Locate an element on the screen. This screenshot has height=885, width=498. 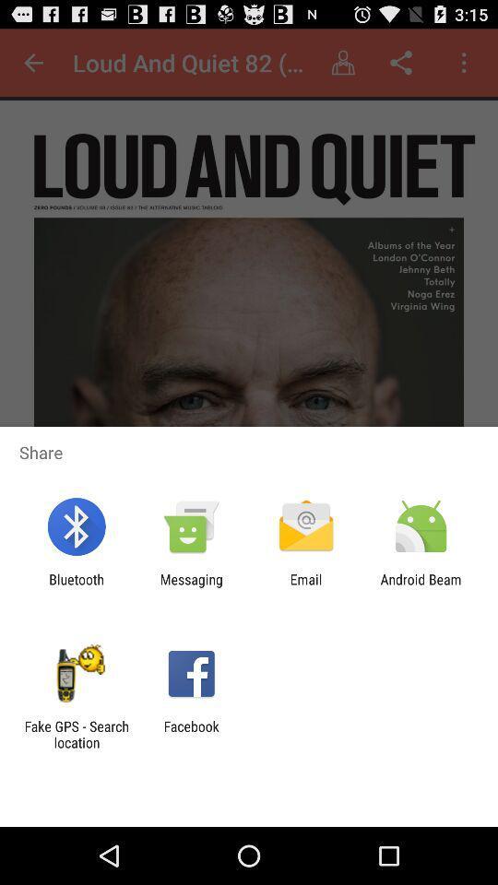
the app next to messaging item is located at coordinates (306, 586).